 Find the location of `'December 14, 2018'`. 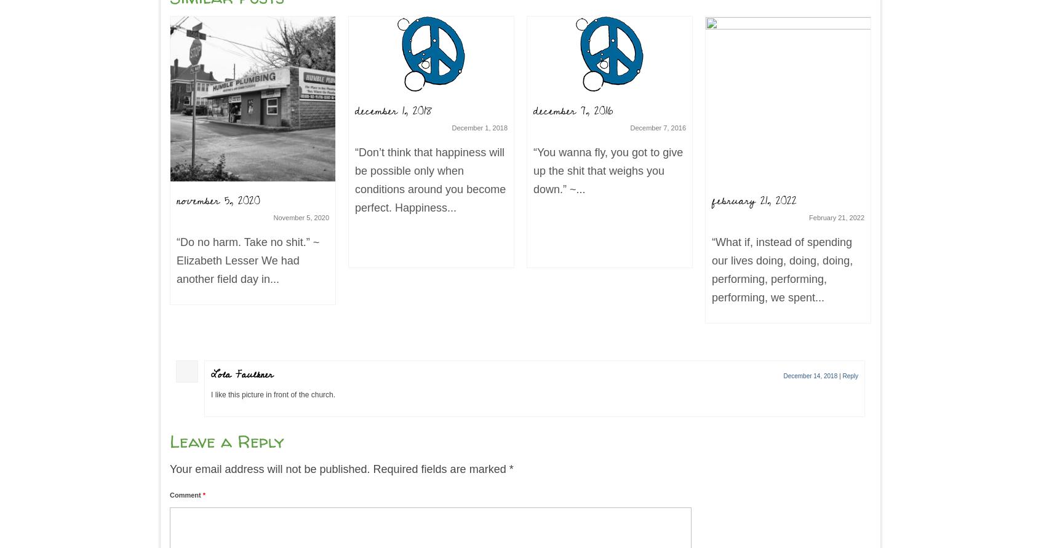

'December 14, 2018' is located at coordinates (810, 375).